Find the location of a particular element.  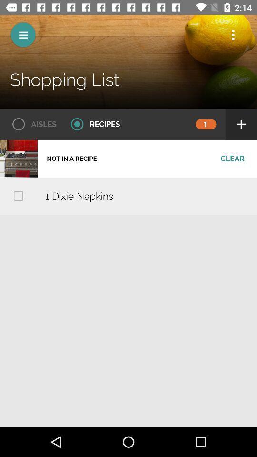

item next to not in a item is located at coordinates (232, 159).